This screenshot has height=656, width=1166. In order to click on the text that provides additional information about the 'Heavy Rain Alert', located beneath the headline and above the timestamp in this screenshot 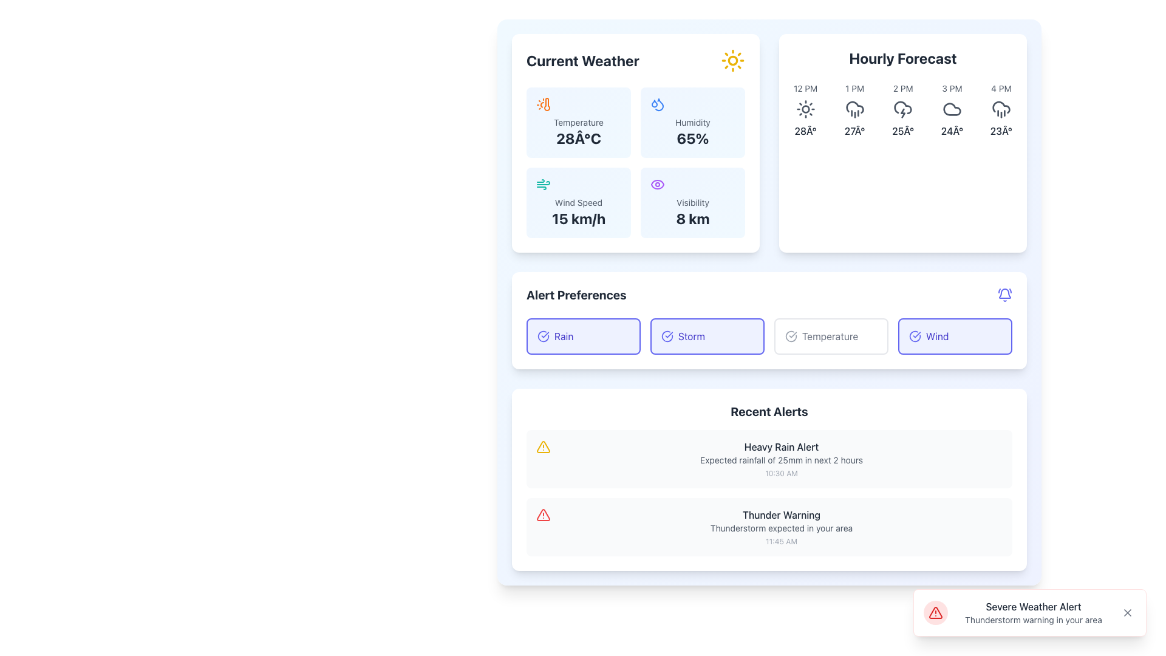, I will do `click(781, 460)`.